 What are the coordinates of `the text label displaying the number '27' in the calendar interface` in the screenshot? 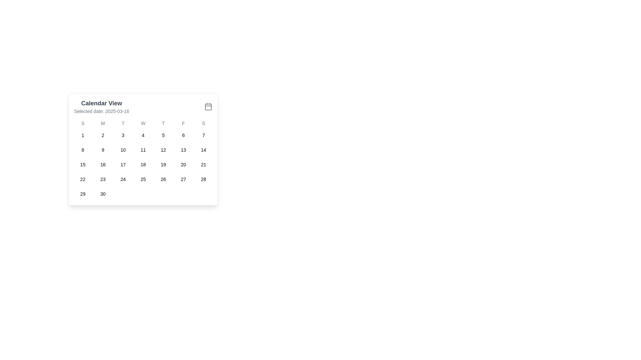 It's located at (183, 179).